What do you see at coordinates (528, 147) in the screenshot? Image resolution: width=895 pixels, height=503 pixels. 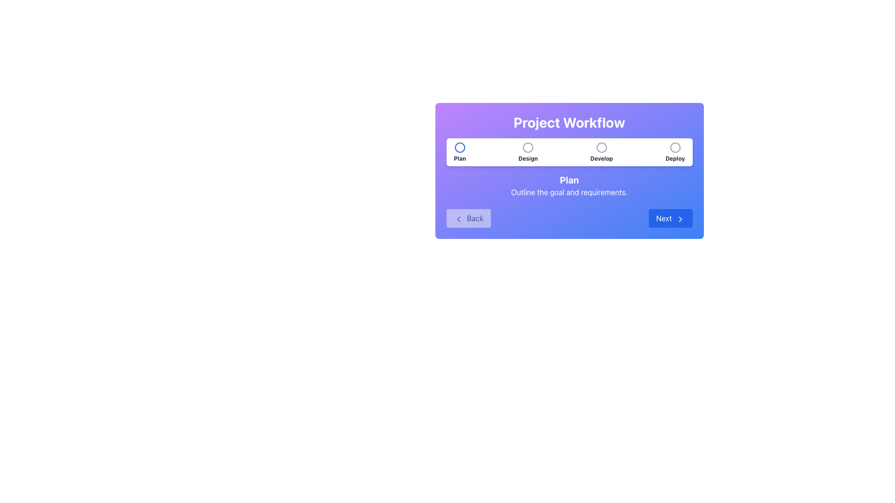 I see `the Step indicator icon for the 'Design' phase in the project workflow interface, located at the center of the interface, just below the title 'Project Workflow'` at bounding box center [528, 147].